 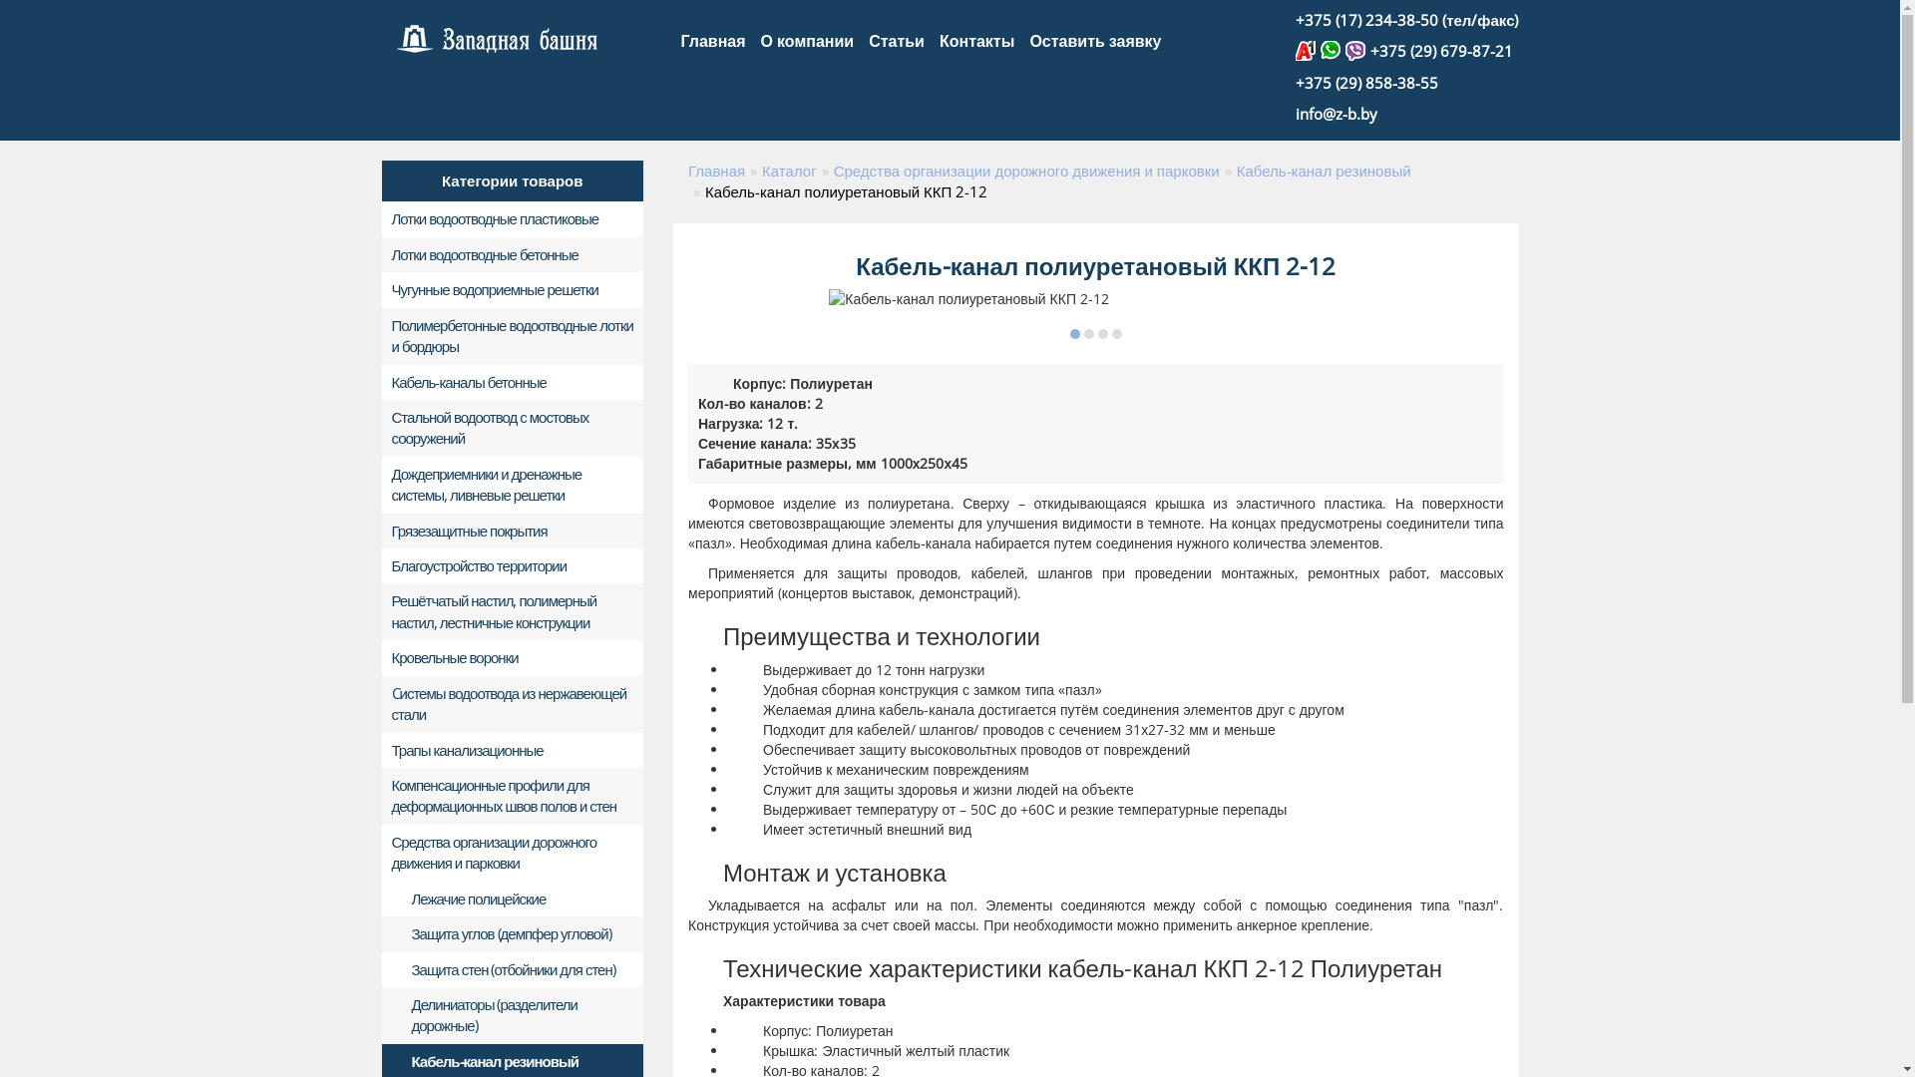 What do you see at coordinates (1441, 49) in the screenshot?
I see `'+375 (29) 679-87-21'` at bounding box center [1441, 49].